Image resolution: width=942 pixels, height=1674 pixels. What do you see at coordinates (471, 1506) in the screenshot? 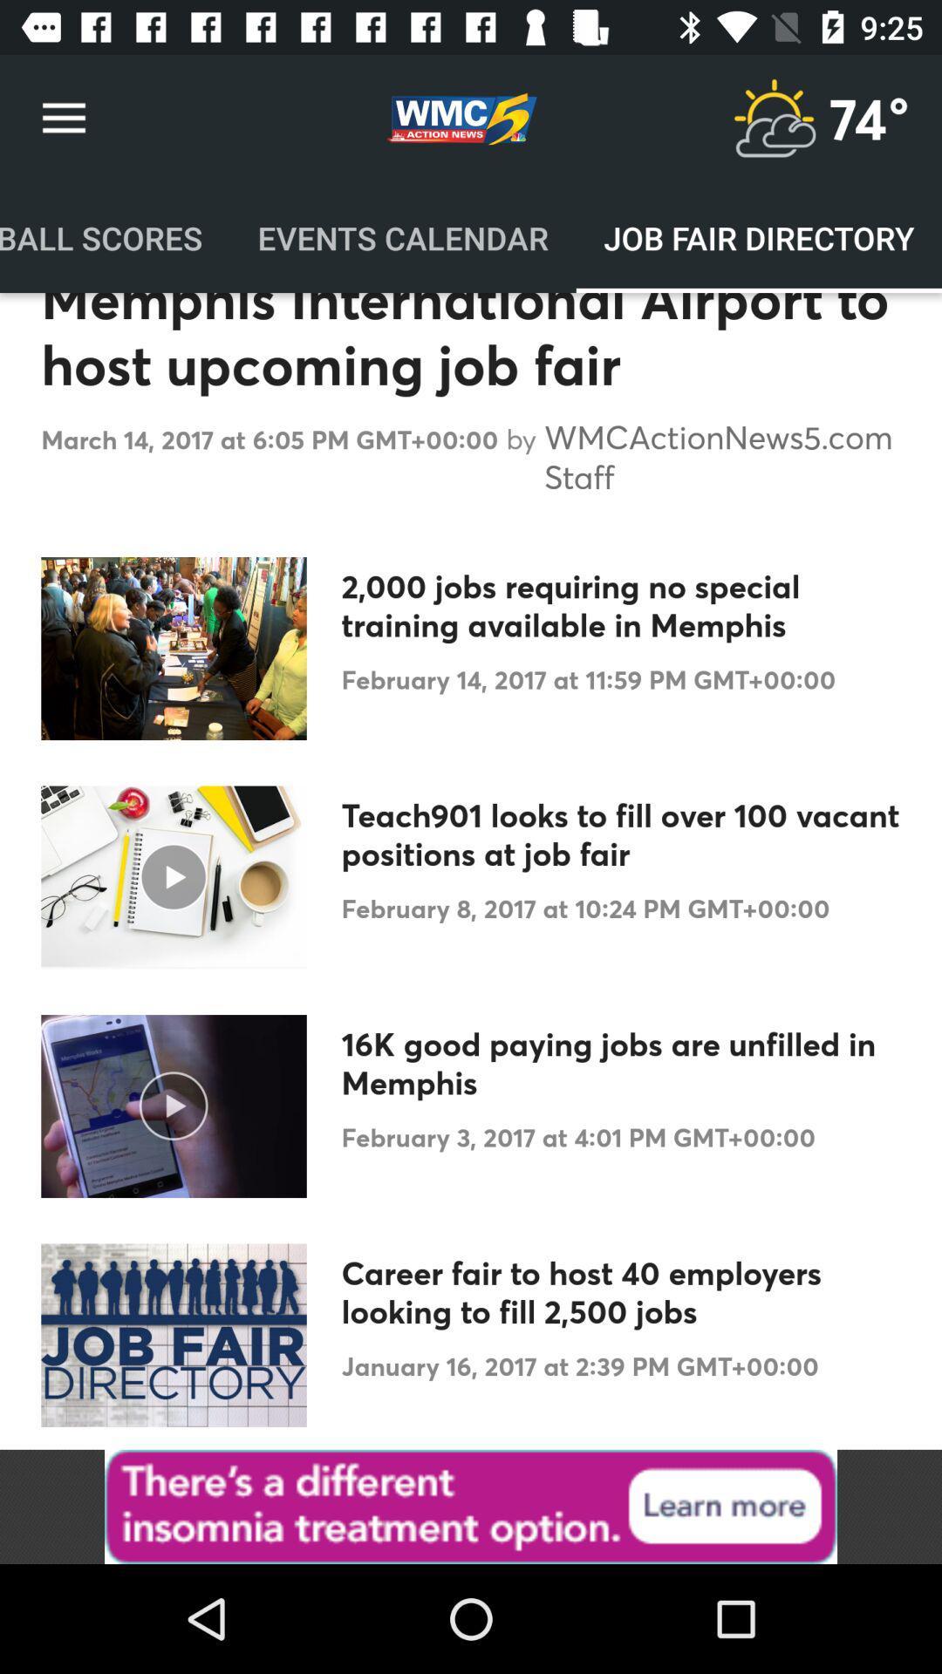
I see `advertisement link` at bounding box center [471, 1506].